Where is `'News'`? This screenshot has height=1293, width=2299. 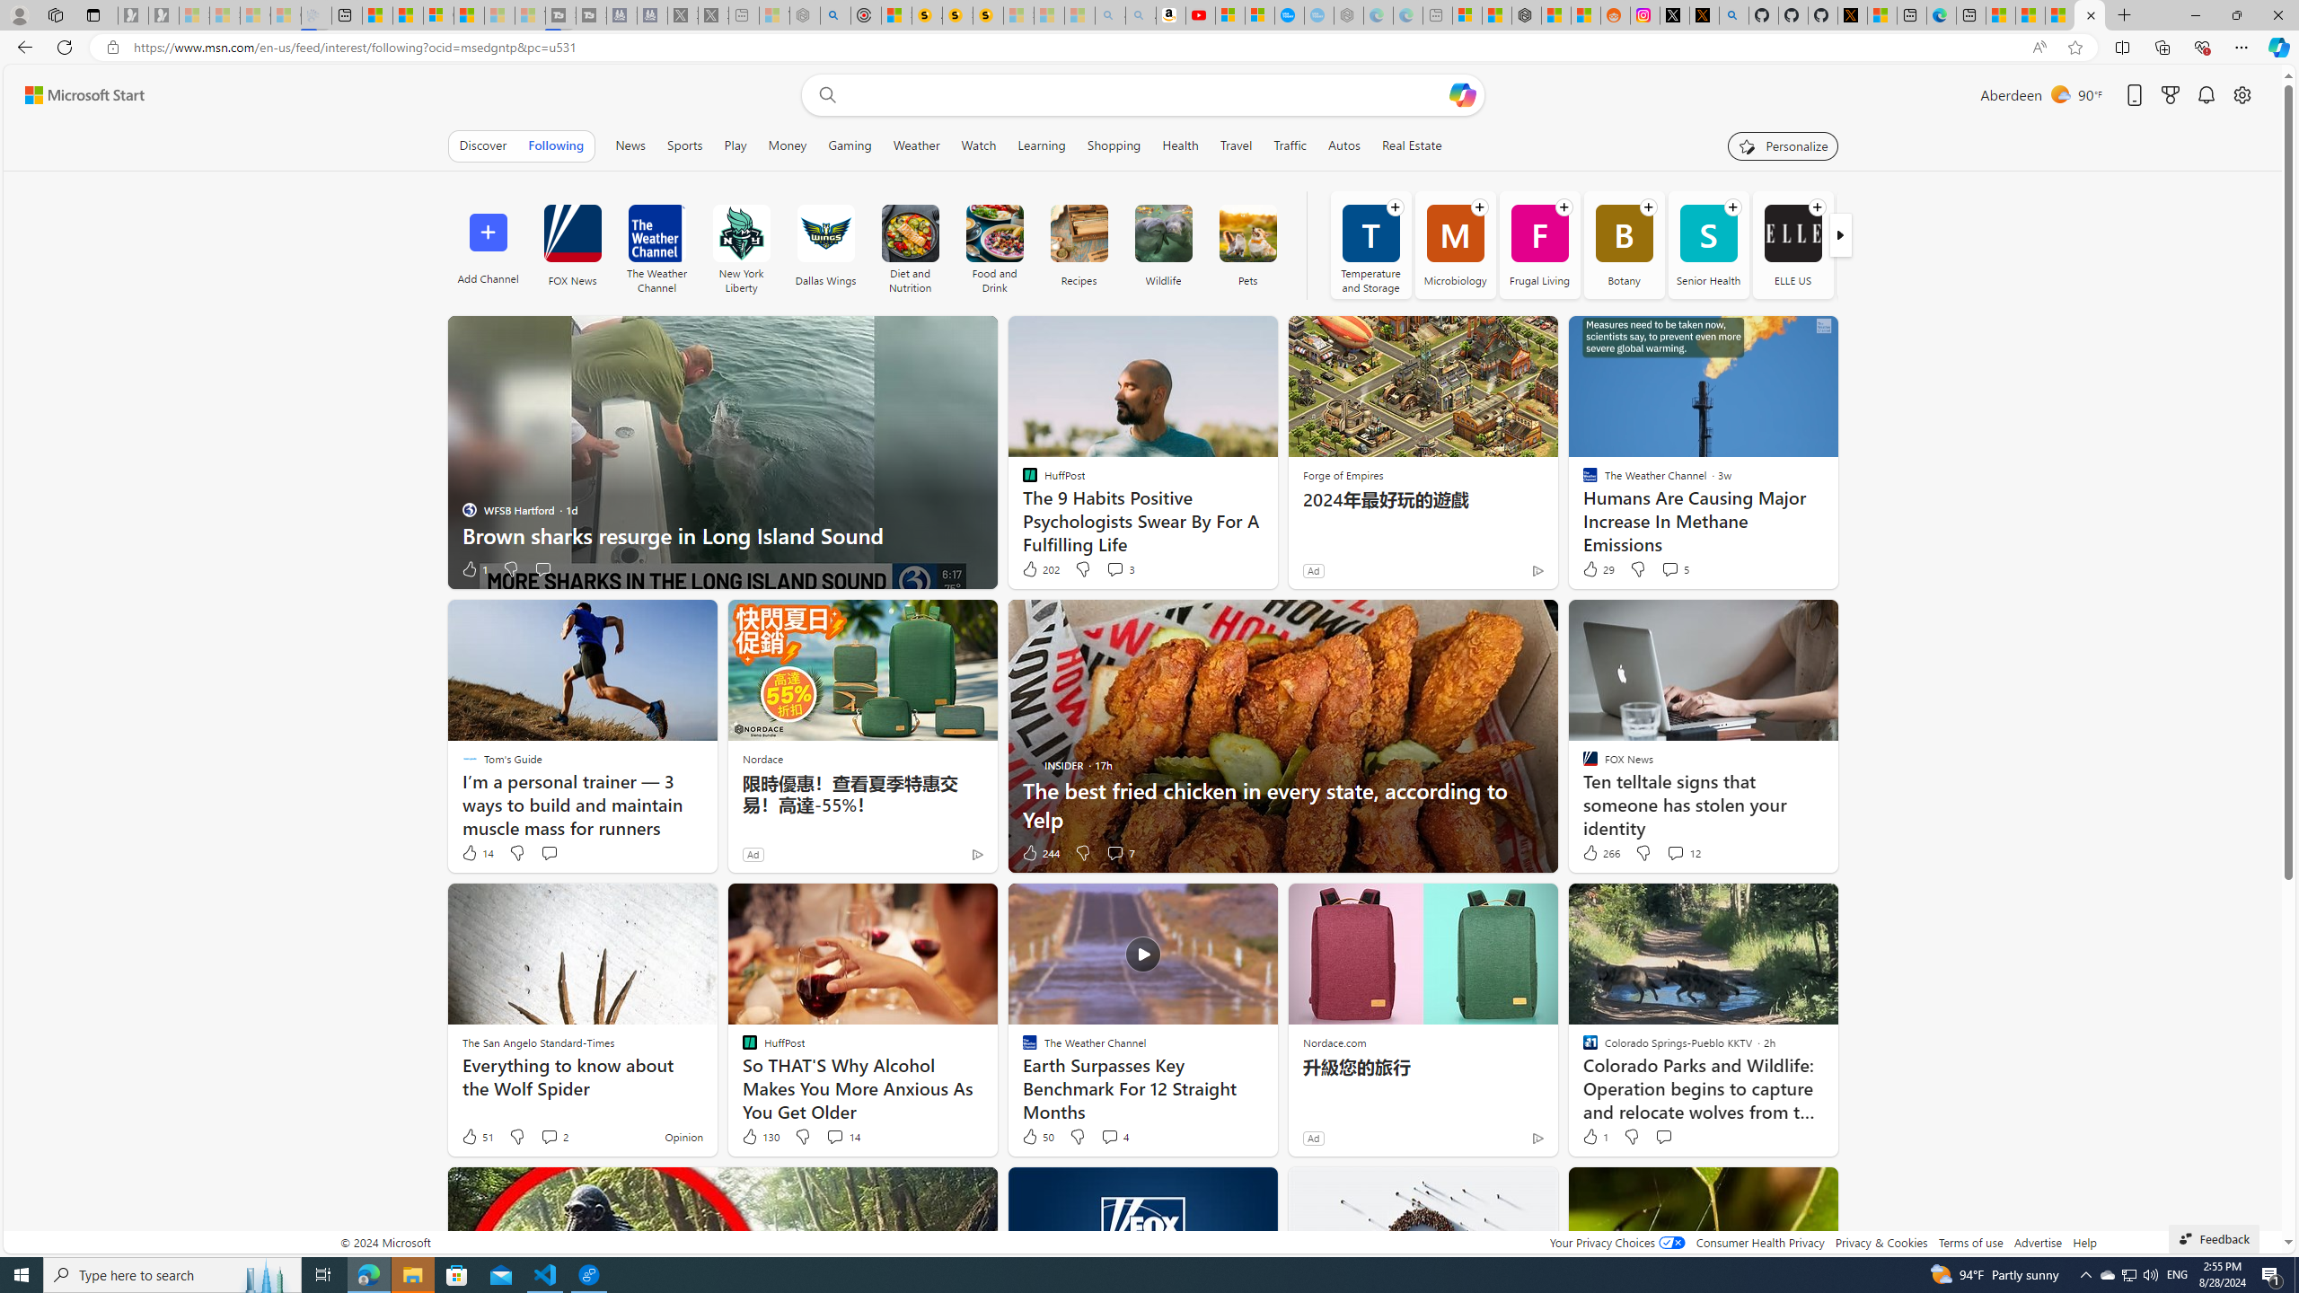
'News' is located at coordinates (630, 145).